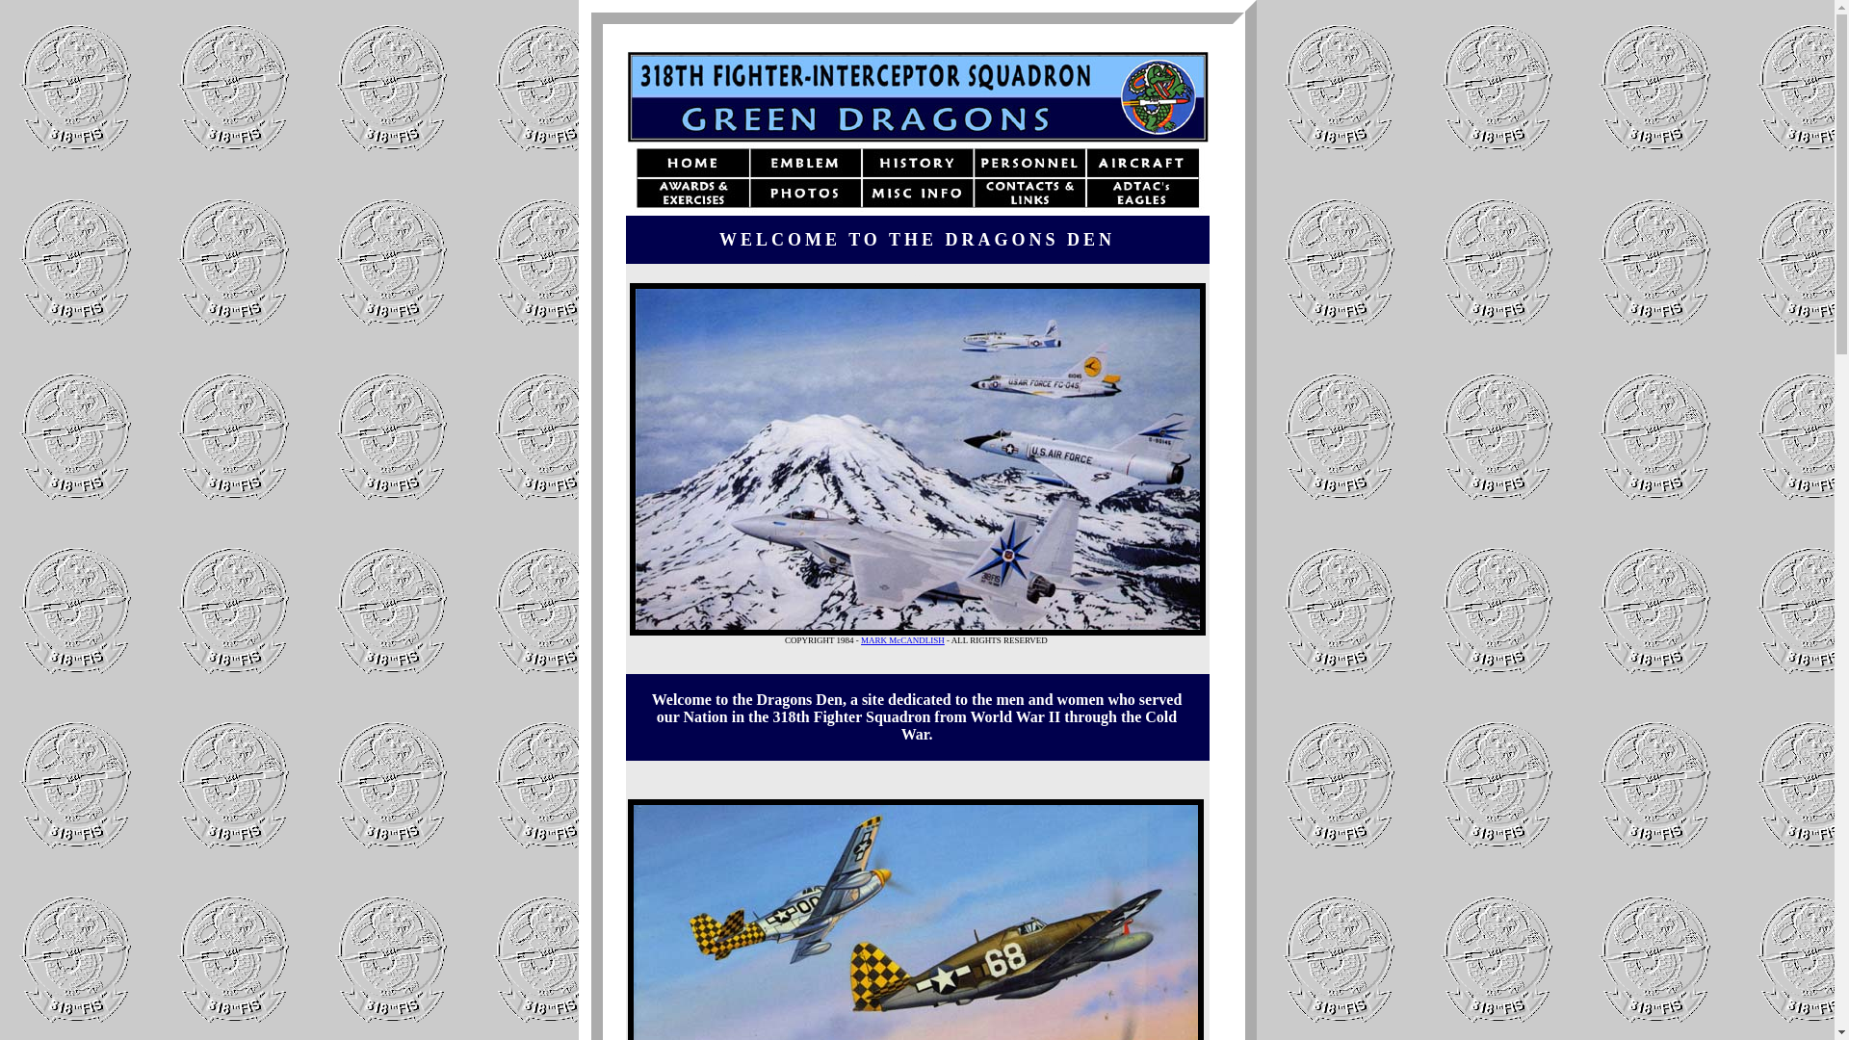  What do you see at coordinates (901, 639) in the screenshot?
I see `'MARK McCANDLISH'` at bounding box center [901, 639].